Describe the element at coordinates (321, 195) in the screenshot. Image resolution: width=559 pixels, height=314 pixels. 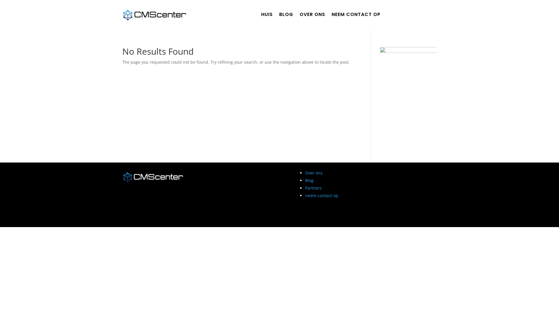
I see `'neem-contact-op'` at that location.